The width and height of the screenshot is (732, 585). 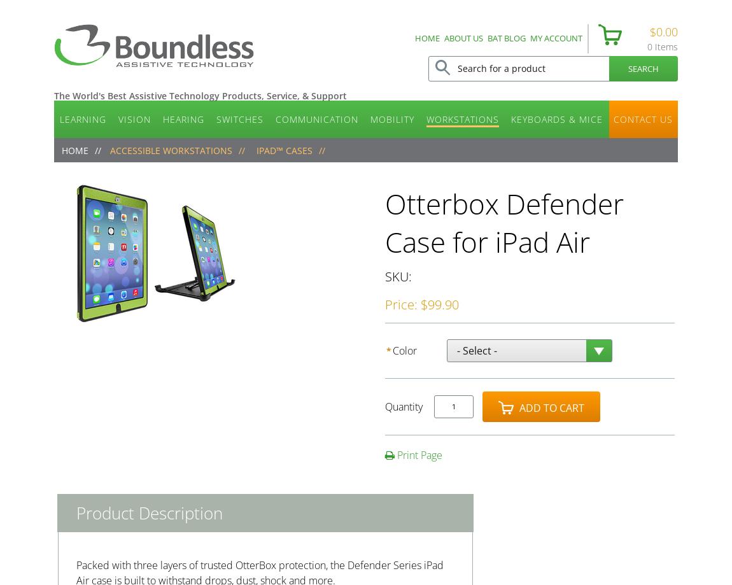 What do you see at coordinates (414, 158) in the screenshot?
I see `'Environmental Control'` at bounding box center [414, 158].